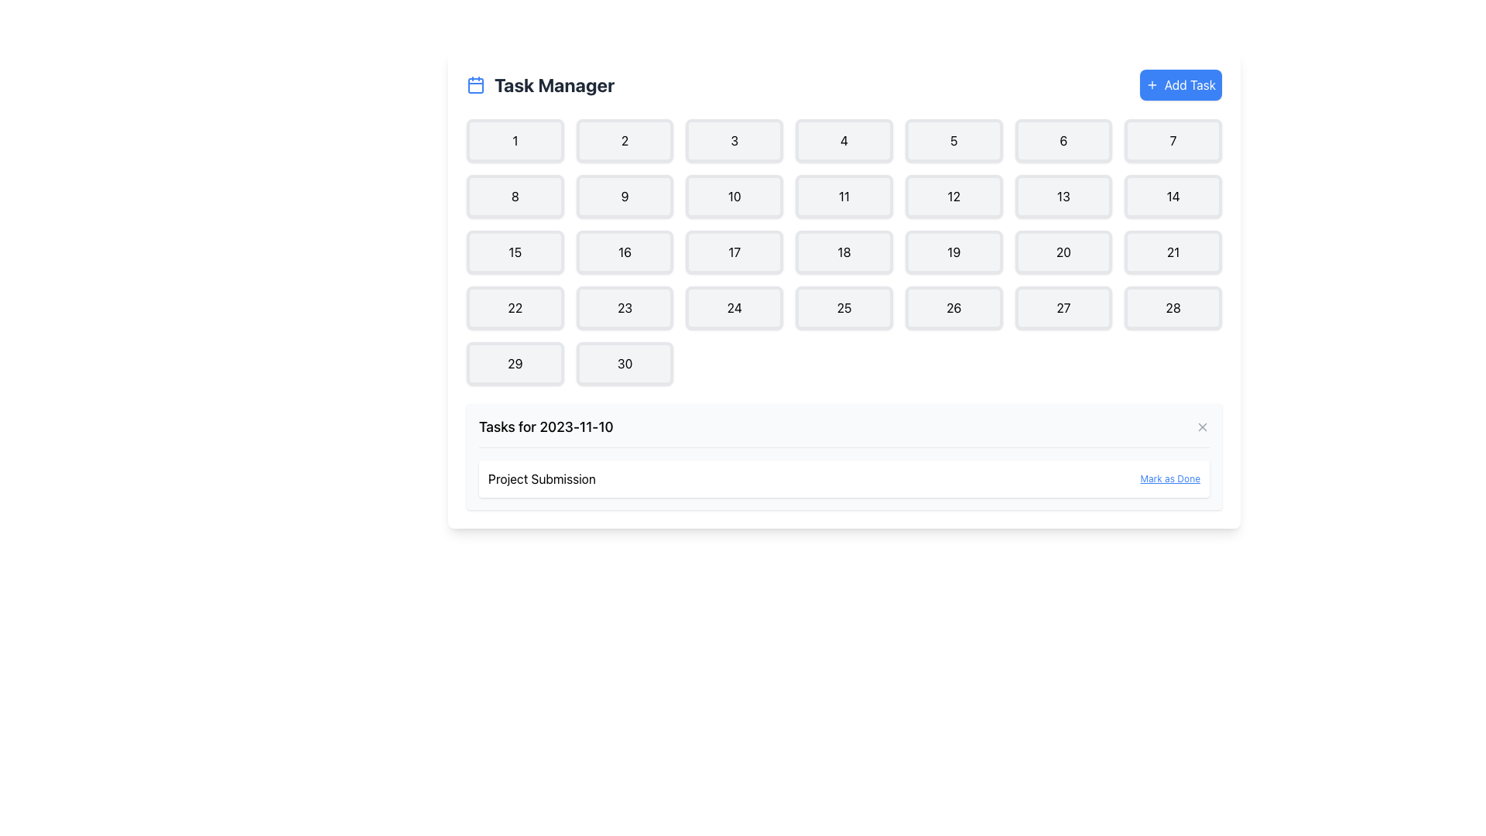  I want to click on the button labeled '25' in the calendar grid, so click(843, 307).